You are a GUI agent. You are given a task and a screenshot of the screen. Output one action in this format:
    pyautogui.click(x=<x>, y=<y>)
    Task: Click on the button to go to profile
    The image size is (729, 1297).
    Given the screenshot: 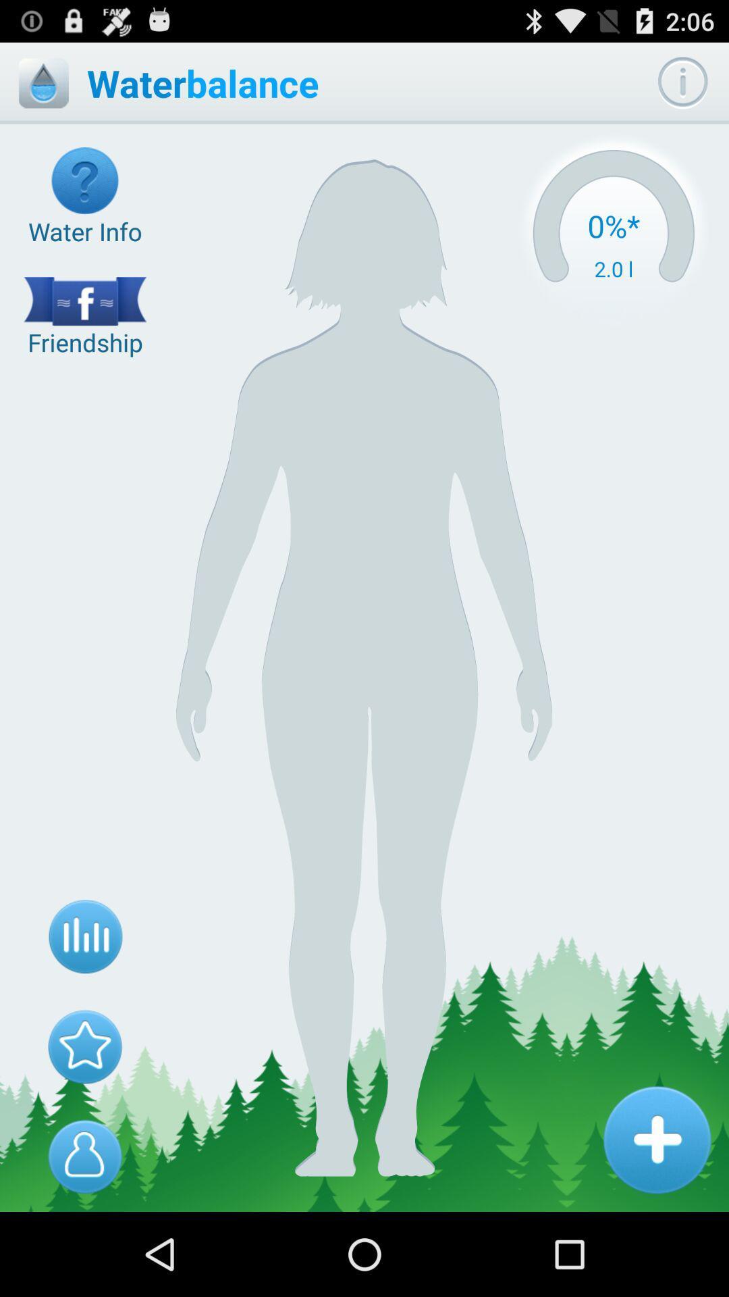 What is the action you would take?
    pyautogui.click(x=85, y=1156)
    